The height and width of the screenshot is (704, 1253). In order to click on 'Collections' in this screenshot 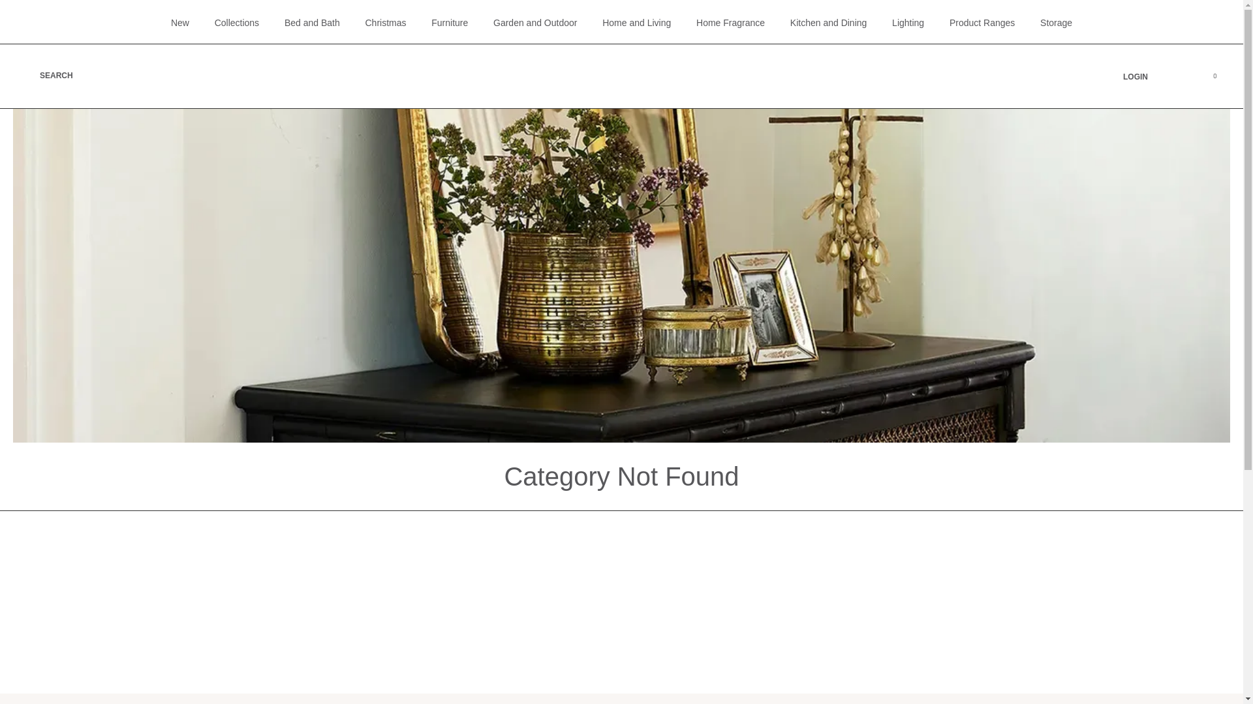, I will do `click(237, 22)`.